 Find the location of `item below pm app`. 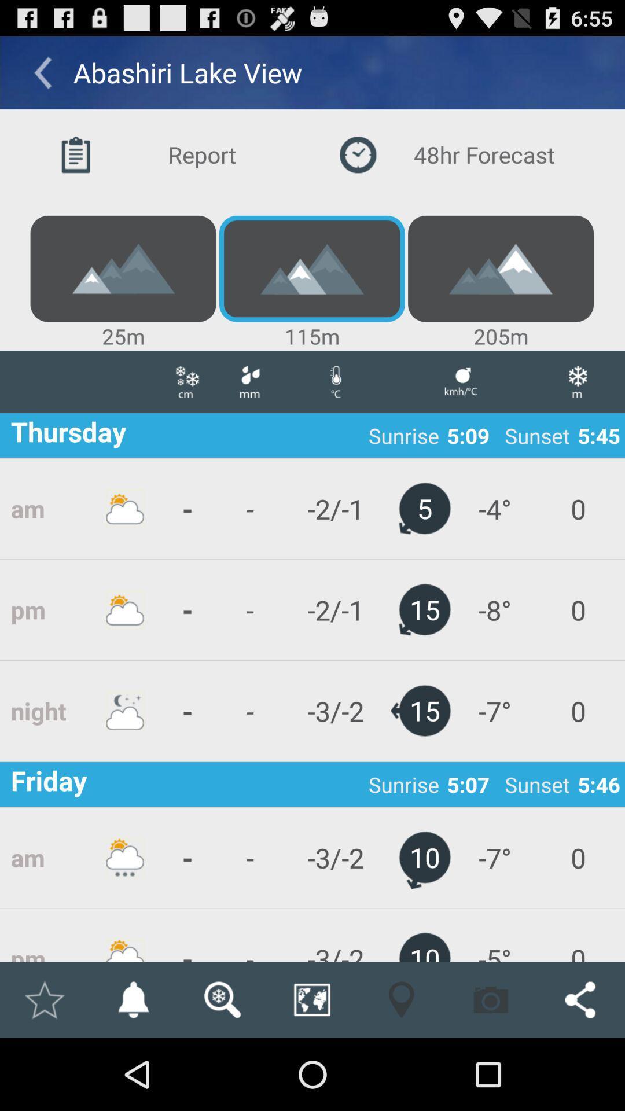

item below pm app is located at coordinates (133, 999).